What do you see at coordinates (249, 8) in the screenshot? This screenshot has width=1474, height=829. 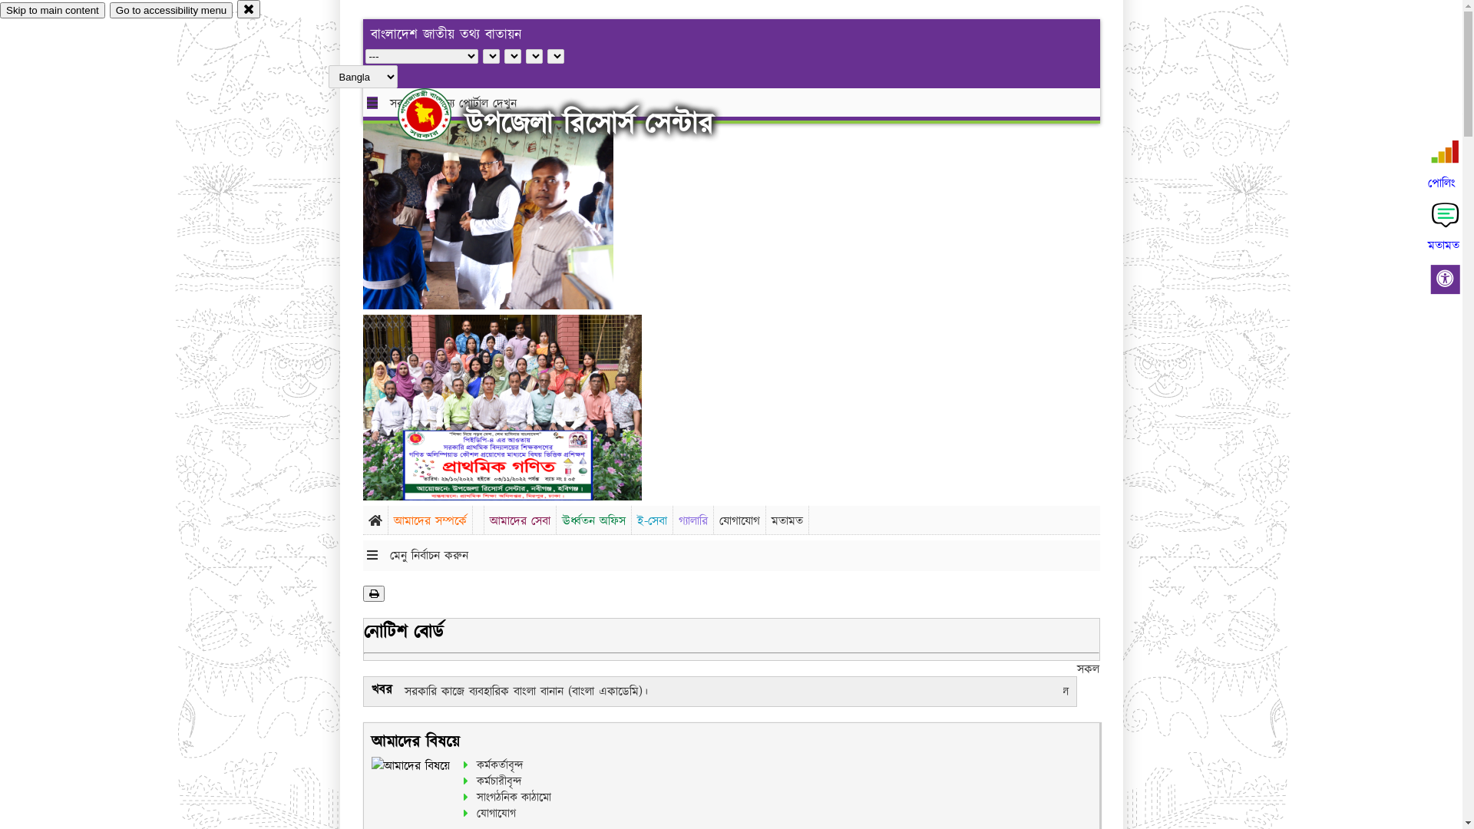 I see `'close'` at bounding box center [249, 8].